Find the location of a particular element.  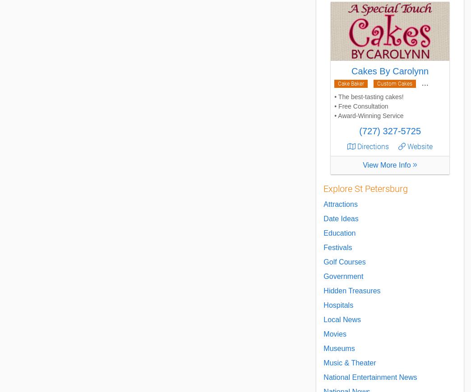

'Music & Theater' is located at coordinates (323, 363).